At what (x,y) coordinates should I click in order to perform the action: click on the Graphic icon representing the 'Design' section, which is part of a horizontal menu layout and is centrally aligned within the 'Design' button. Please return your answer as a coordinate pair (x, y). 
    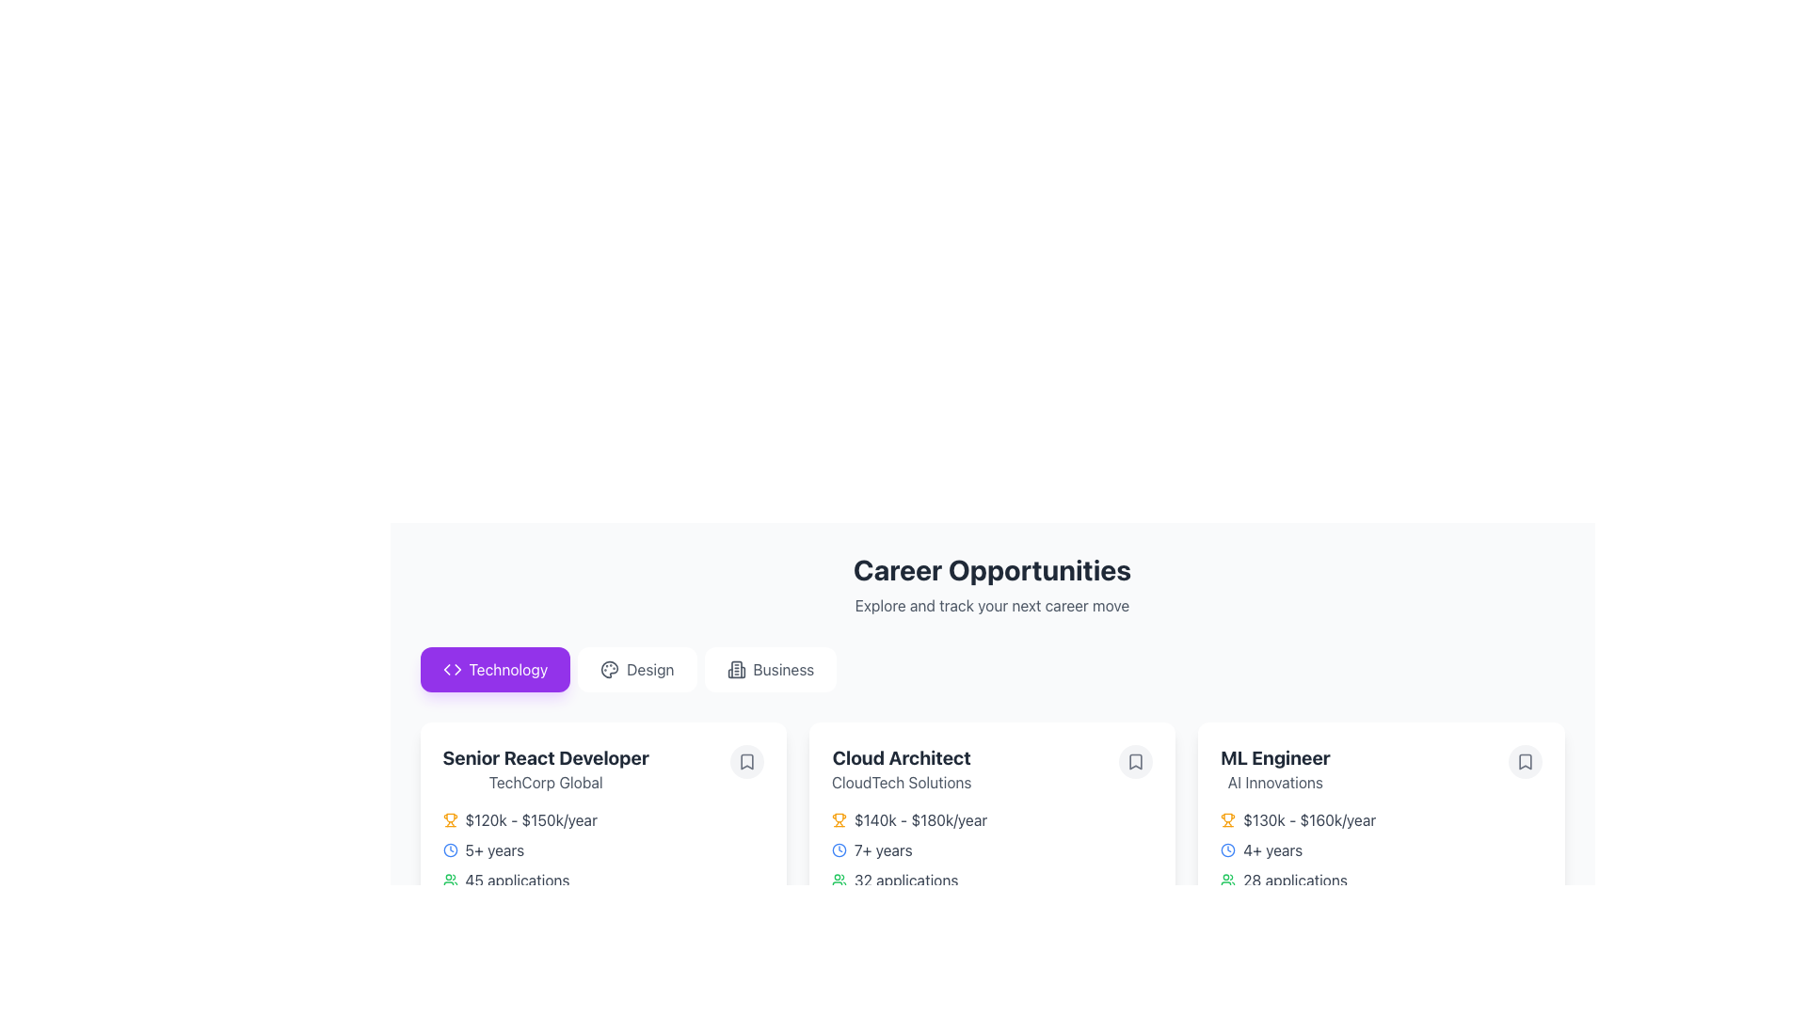
    Looking at the image, I should click on (610, 669).